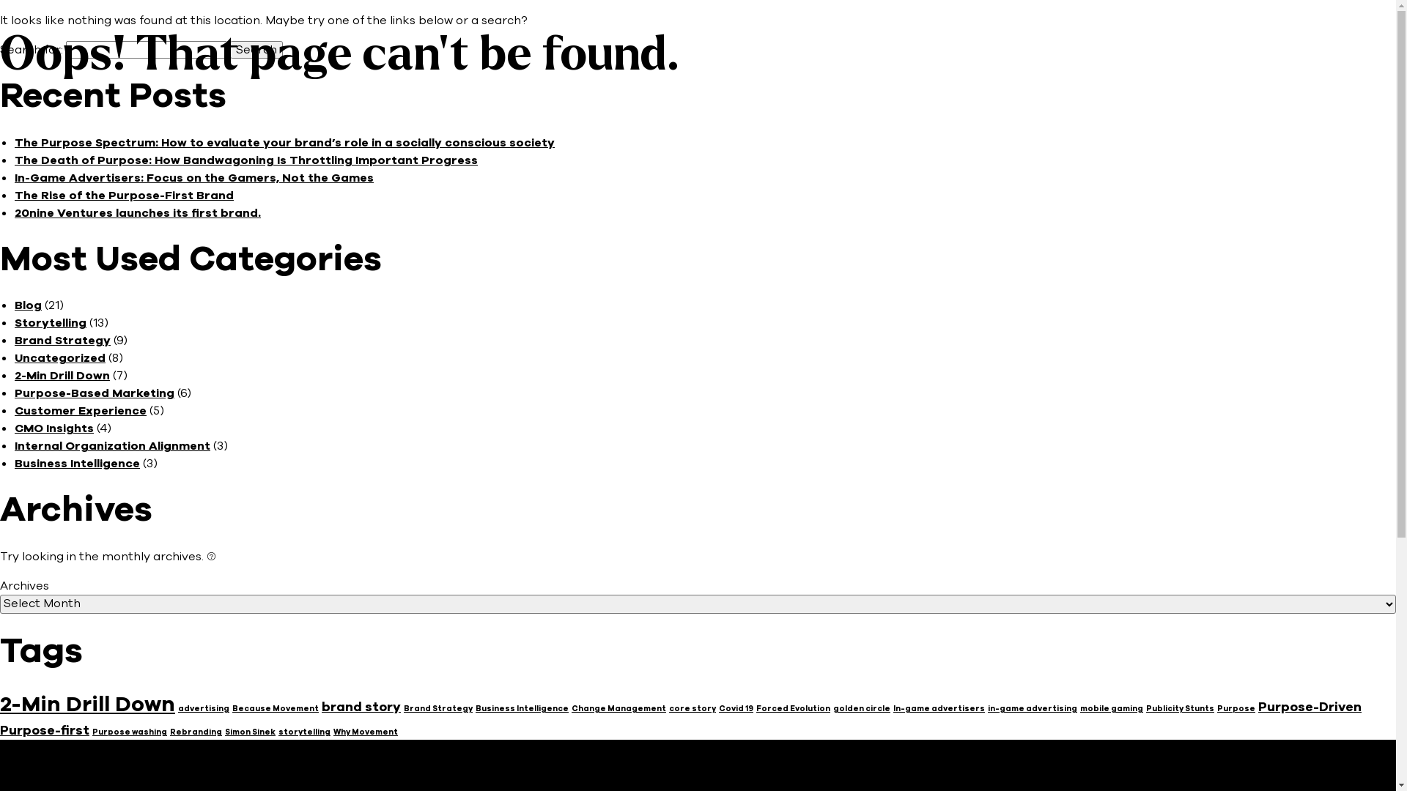 This screenshot has width=1407, height=791. What do you see at coordinates (14, 410) in the screenshot?
I see `'Customer Experience'` at bounding box center [14, 410].